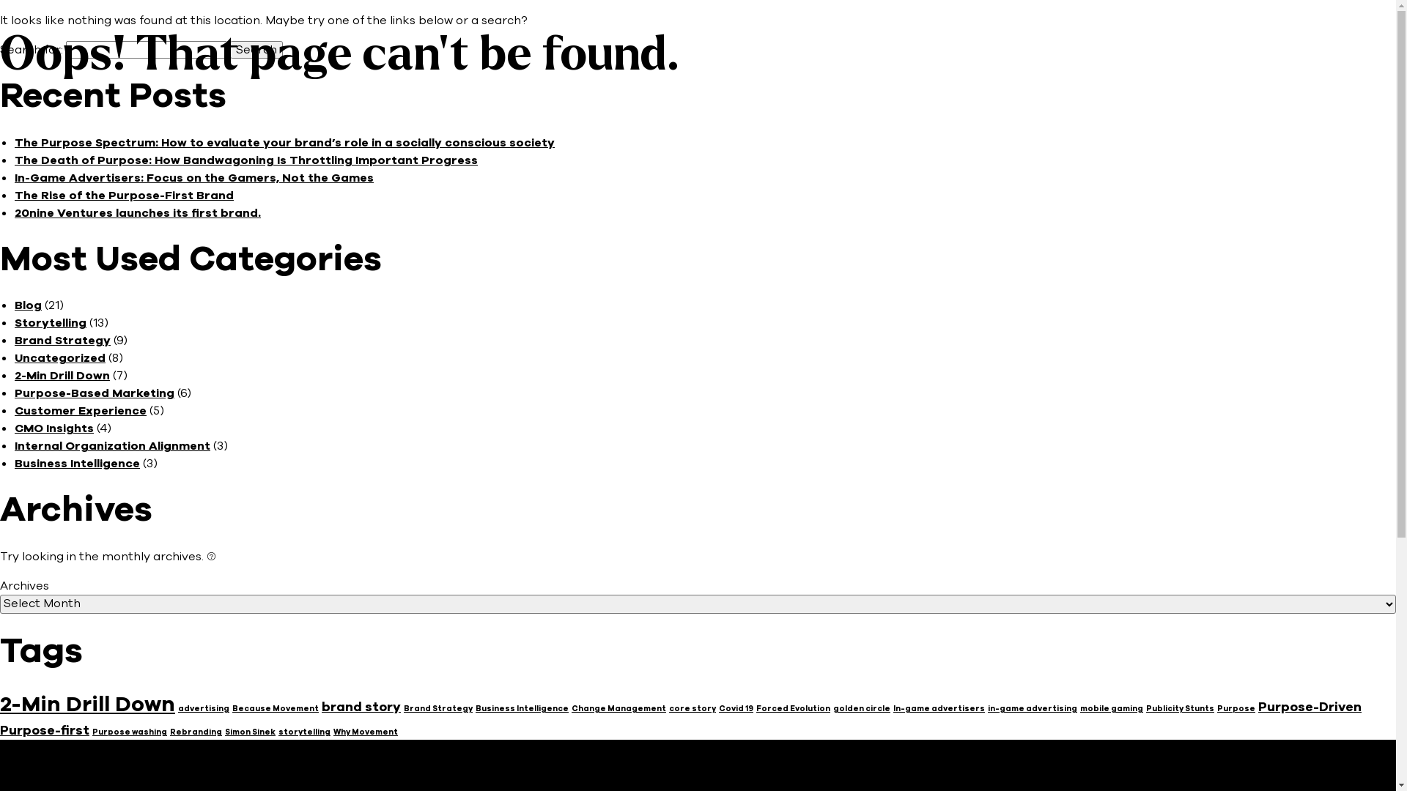 This screenshot has width=1407, height=791. What do you see at coordinates (14, 410) in the screenshot?
I see `'Customer Experience'` at bounding box center [14, 410].